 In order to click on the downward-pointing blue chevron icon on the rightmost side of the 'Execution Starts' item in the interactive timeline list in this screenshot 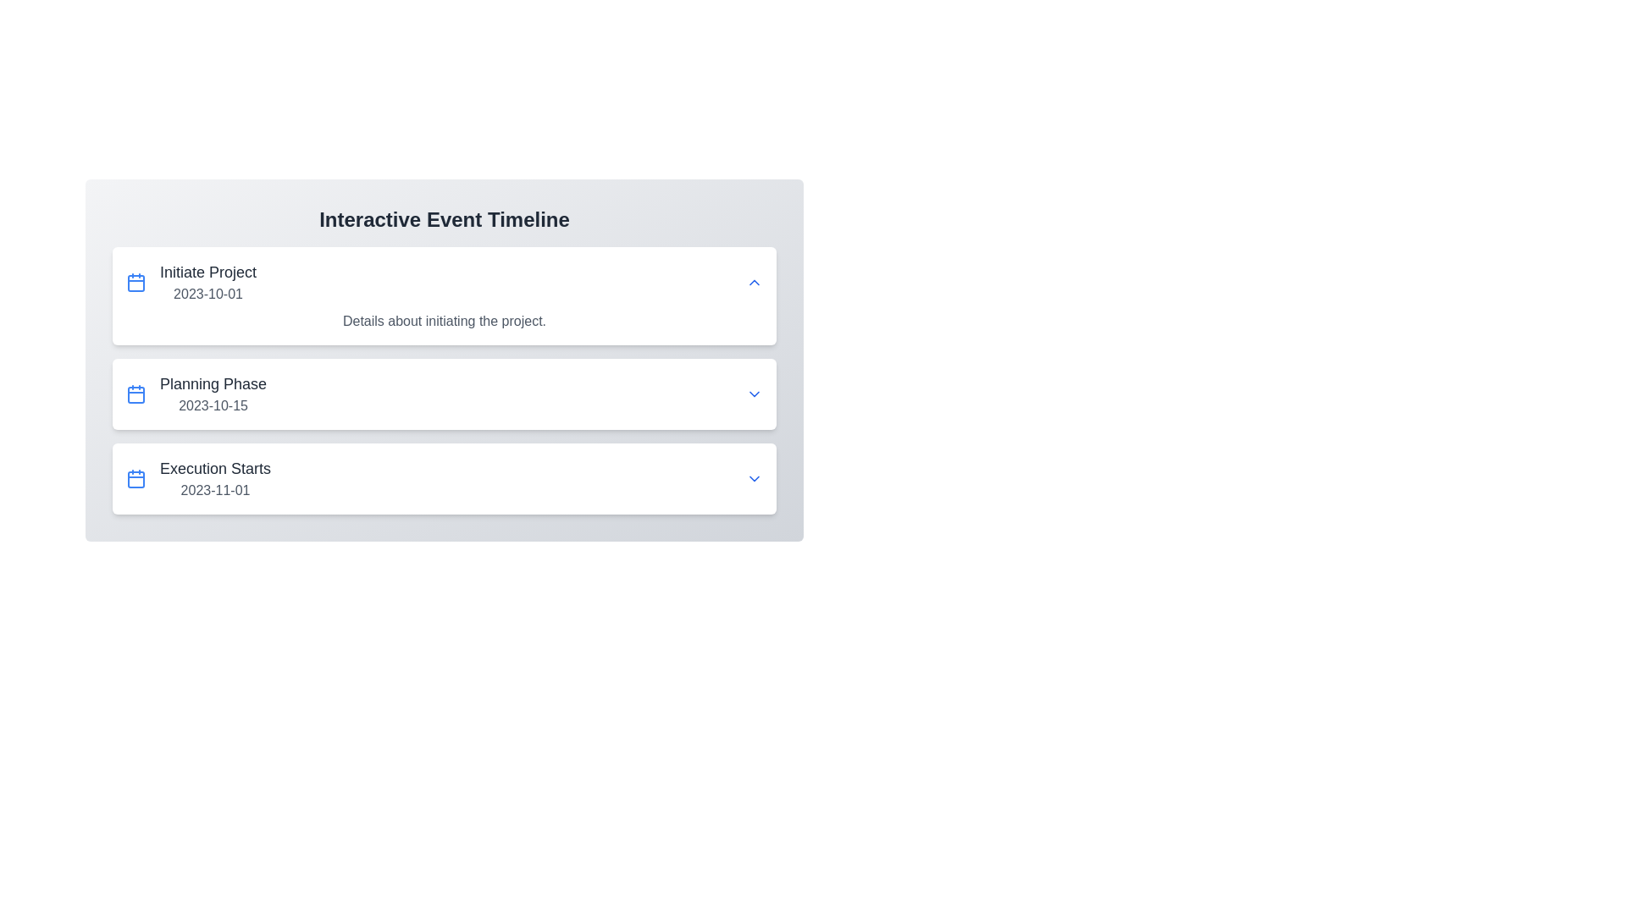, I will do `click(754, 479)`.